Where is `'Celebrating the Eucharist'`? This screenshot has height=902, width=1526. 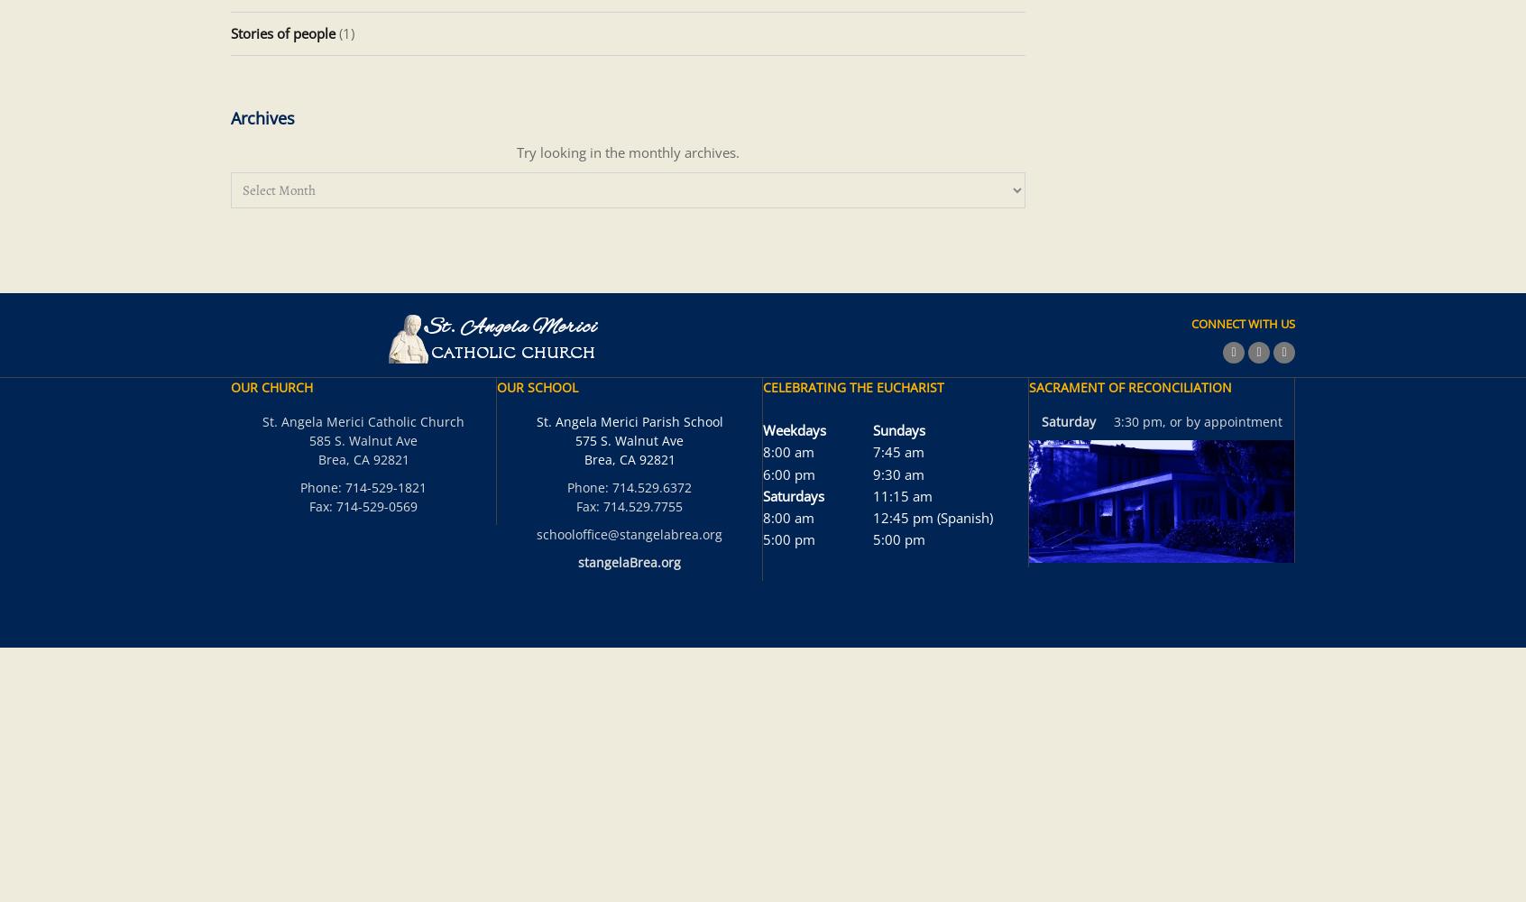 'Celebrating the Eucharist' is located at coordinates (853, 387).